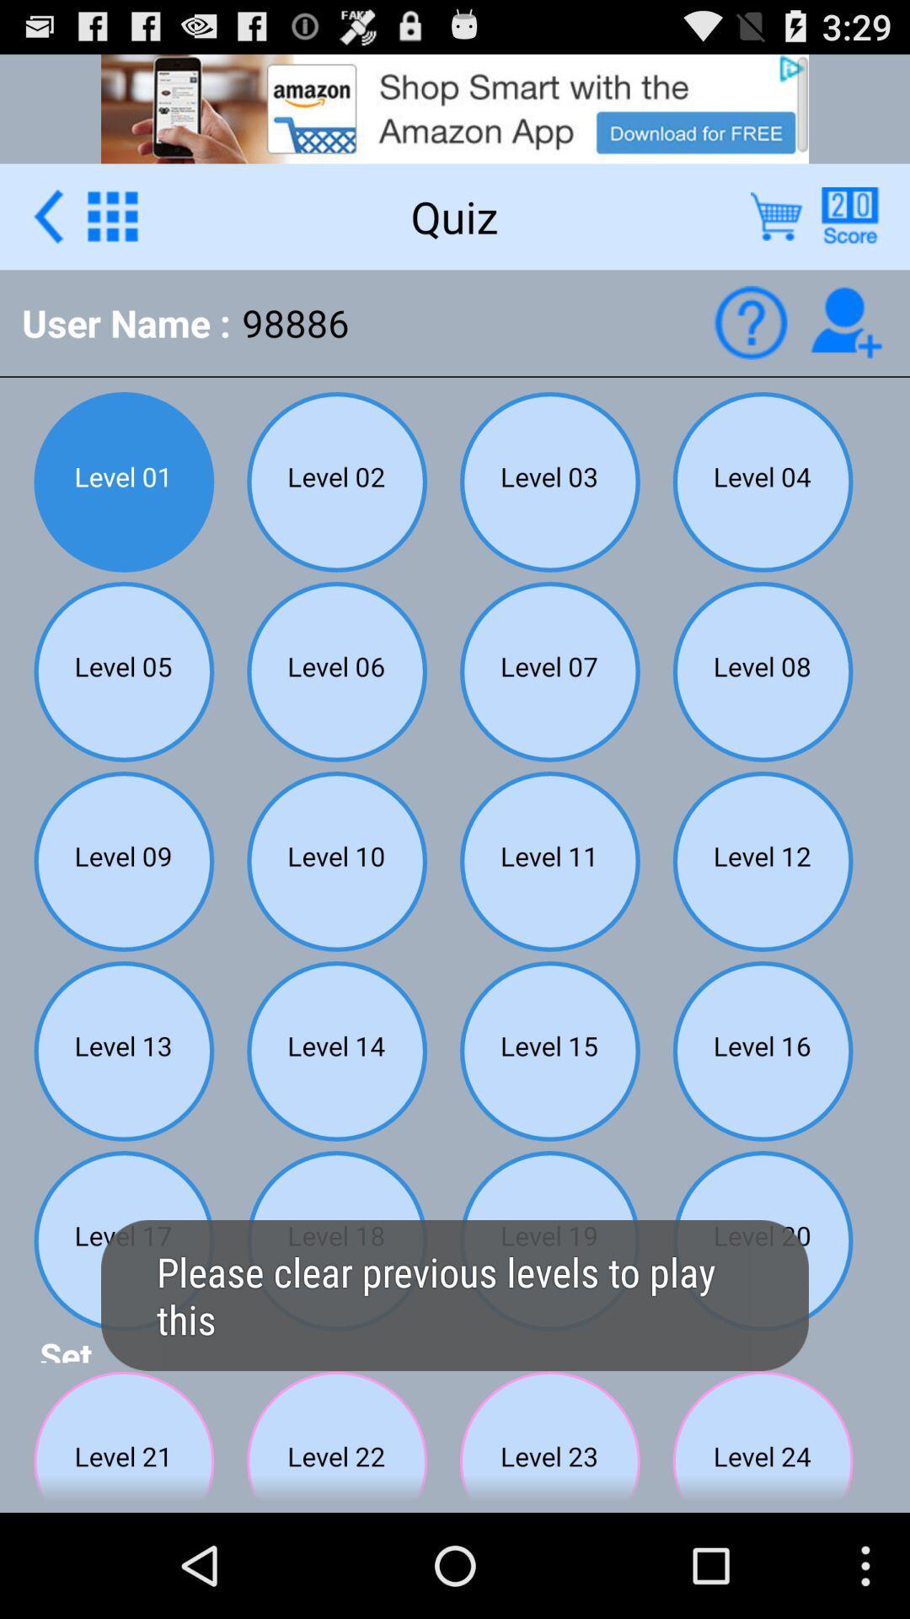 Image resolution: width=910 pixels, height=1619 pixels. What do you see at coordinates (47, 230) in the screenshot?
I see `the arrow_backward icon` at bounding box center [47, 230].